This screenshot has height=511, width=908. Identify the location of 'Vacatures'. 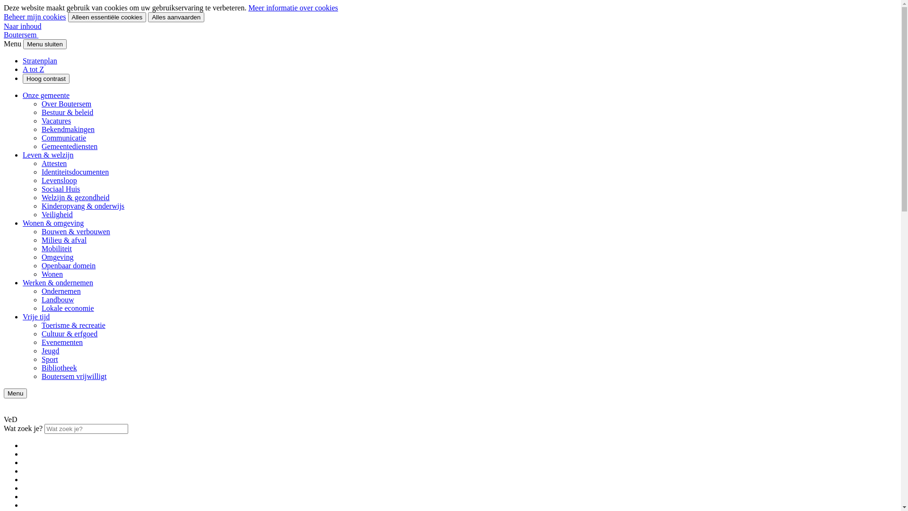
(56, 120).